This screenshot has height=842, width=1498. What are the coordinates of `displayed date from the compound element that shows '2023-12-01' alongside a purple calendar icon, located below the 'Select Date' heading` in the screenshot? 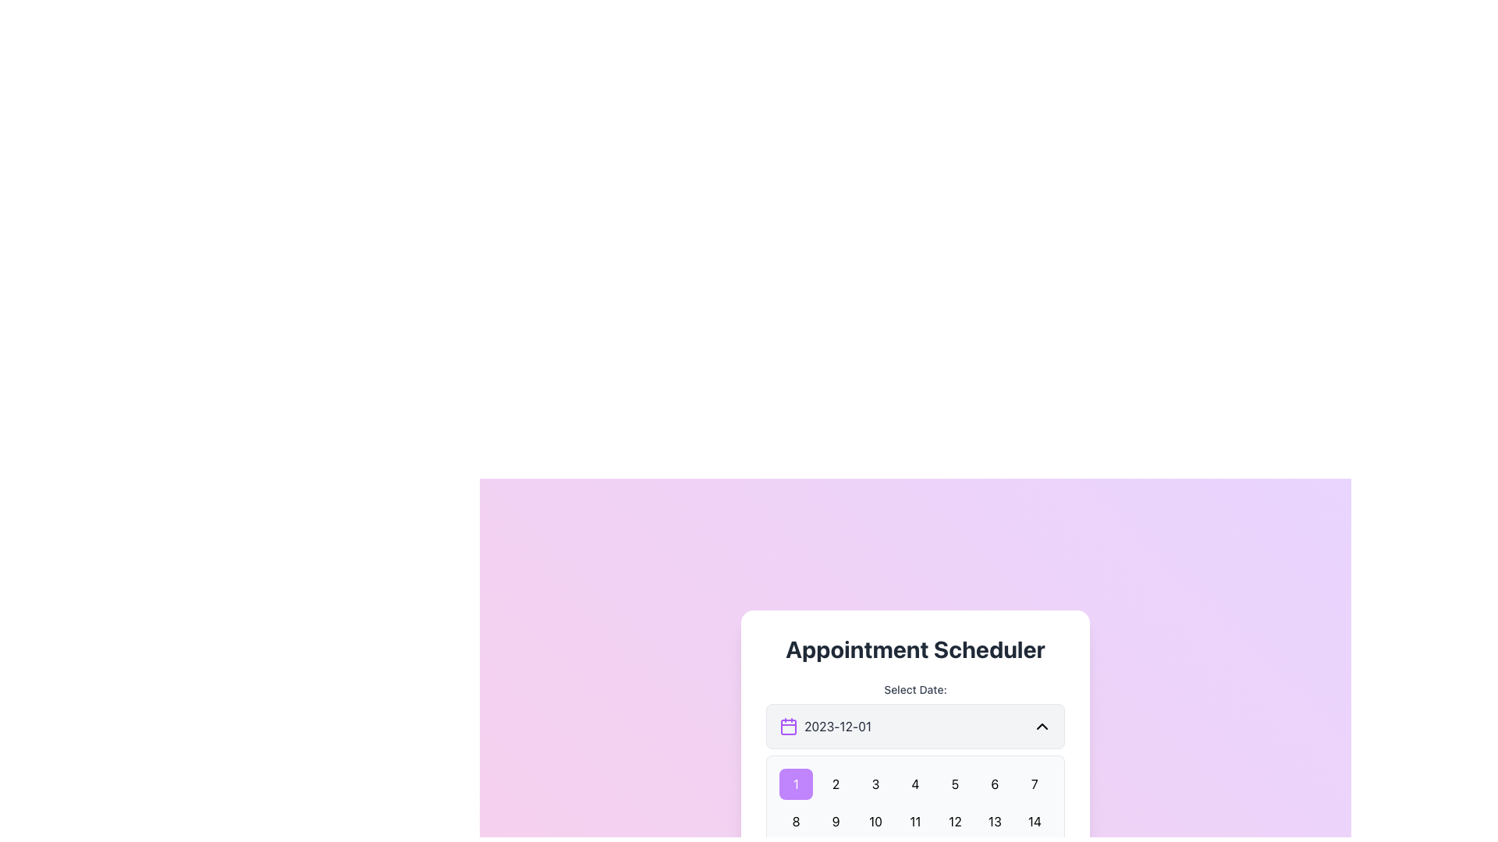 It's located at (825, 727).